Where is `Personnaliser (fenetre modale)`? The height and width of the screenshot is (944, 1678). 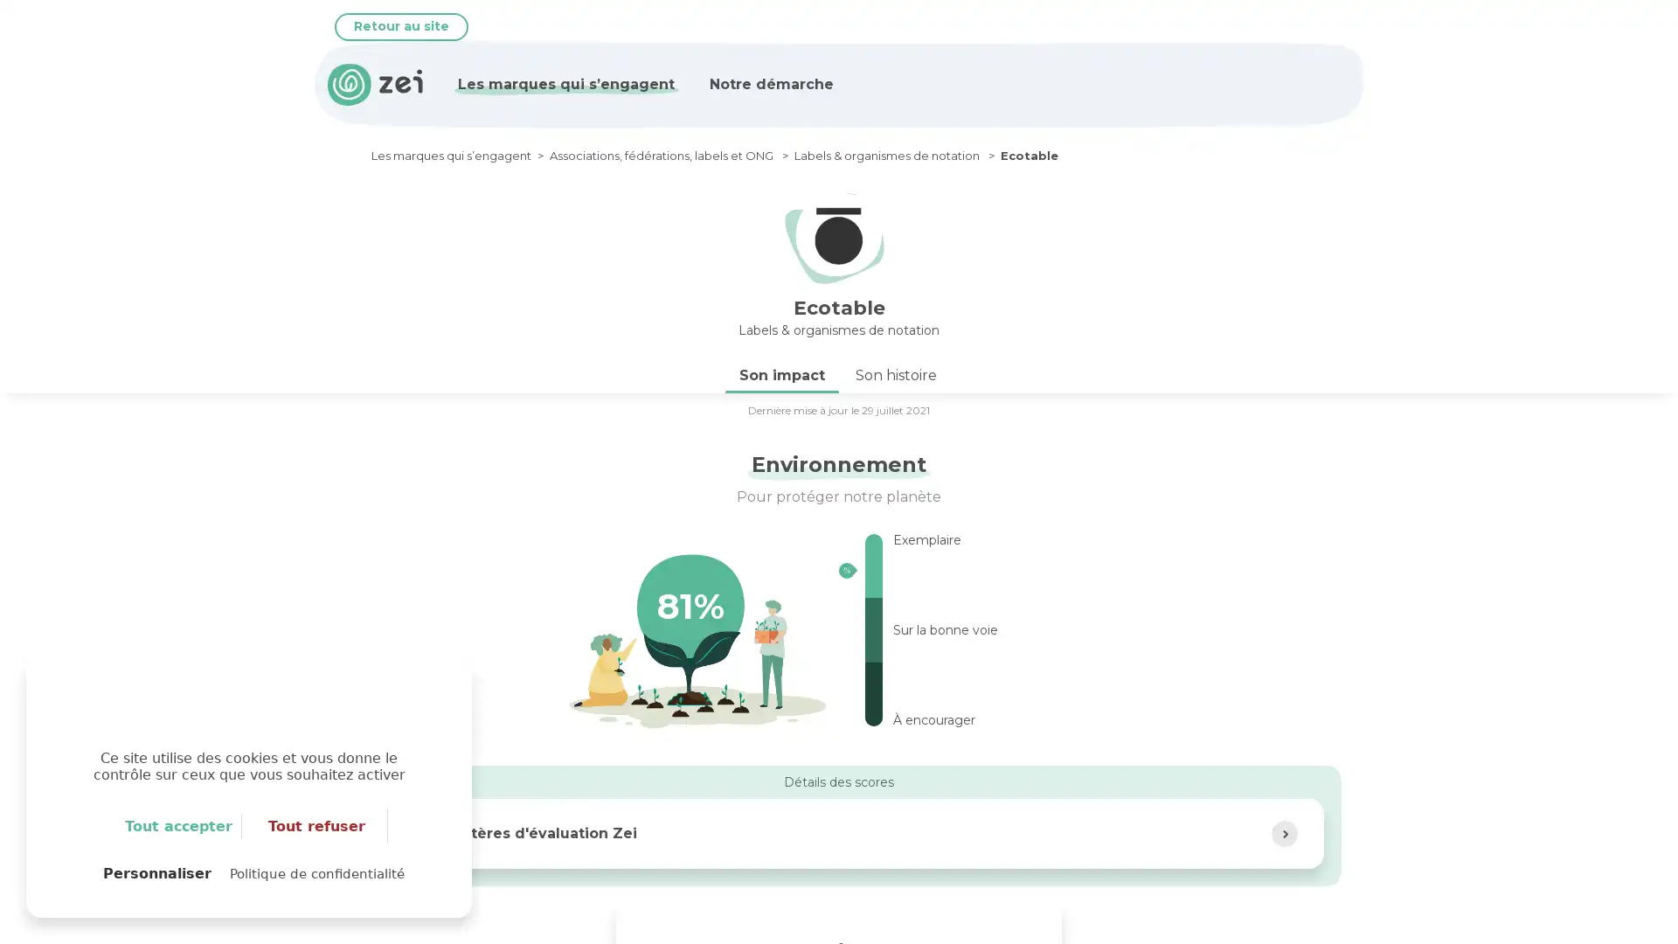
Personnaliser (fenetre modale) is located at coordinates (157, 873).